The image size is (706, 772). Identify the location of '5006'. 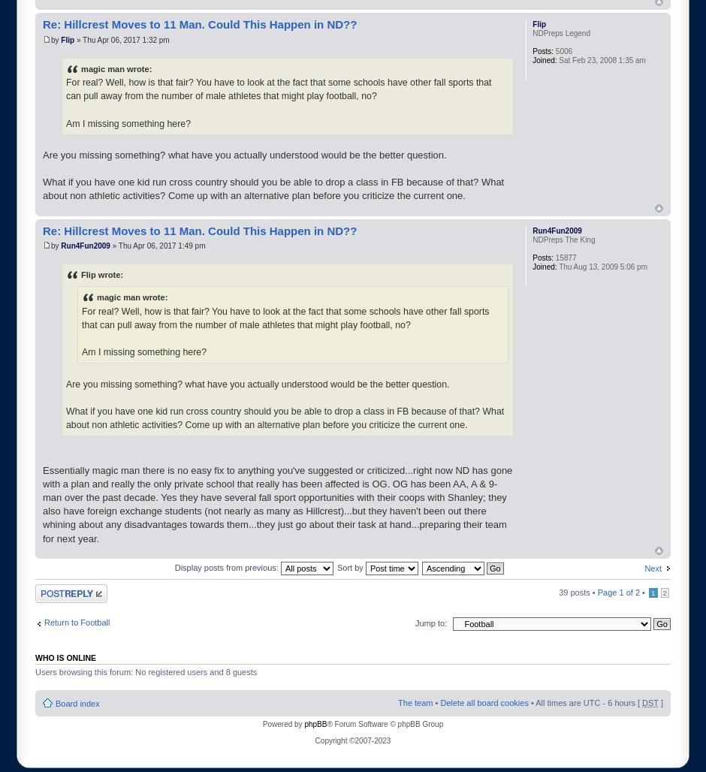
(562, 50).